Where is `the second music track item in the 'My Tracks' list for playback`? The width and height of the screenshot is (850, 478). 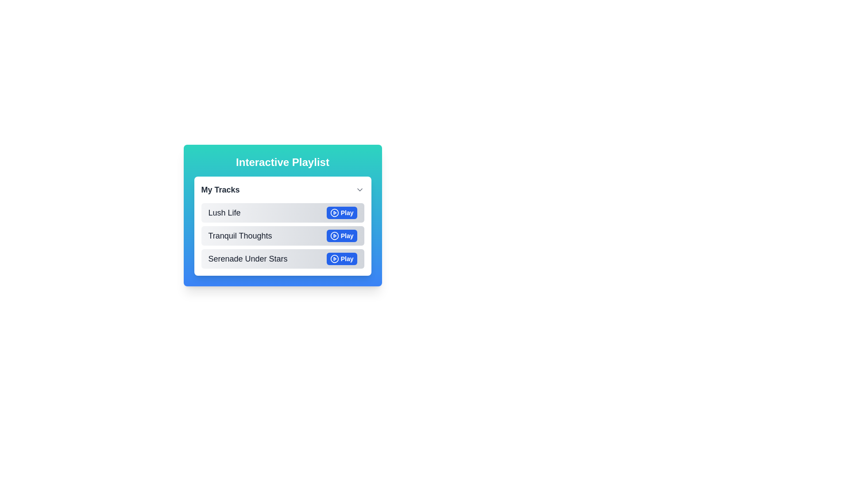 the second music track item in the 'My Tracks' list for playback is located at coordinates (282, 235).